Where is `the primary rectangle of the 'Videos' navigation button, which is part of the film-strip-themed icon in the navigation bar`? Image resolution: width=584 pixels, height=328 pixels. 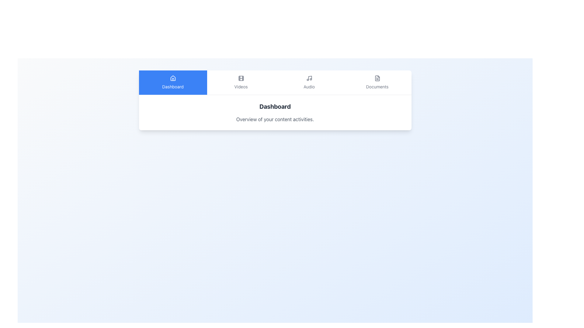
the primary rectangle of the 'Videos' navigation button, which is part of the film-strip-themed icon in the navigation bar is located at coordinates (241, 78).